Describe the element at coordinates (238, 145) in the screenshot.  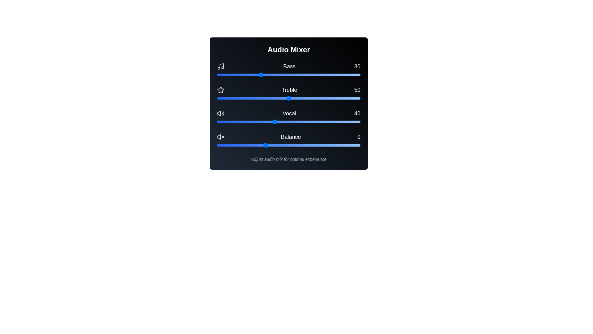
I see `the balance slider to -28 within its range of -50 to 100` at that location.